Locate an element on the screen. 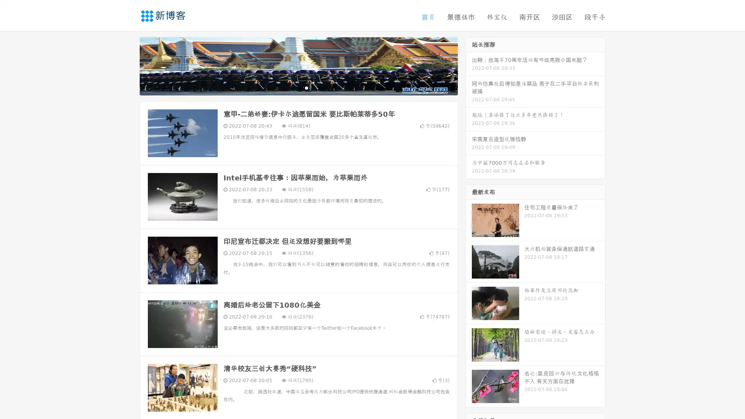 The width and height of the screenshot is (745, 419). Go to slide 3 is located at coordinates (306, 87).